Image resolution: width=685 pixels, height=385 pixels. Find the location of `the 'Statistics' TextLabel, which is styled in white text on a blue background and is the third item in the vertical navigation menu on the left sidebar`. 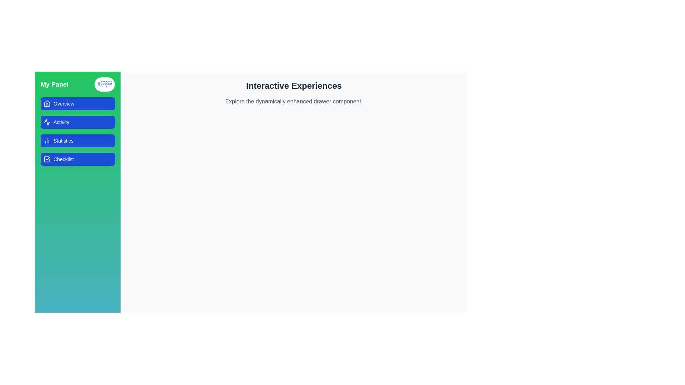

the 'Statistics' TextLabel, which is styled in white text on a blue background and is the third item in the vertical navigation menu on the left sidebar is located at coordinates (63, 140).